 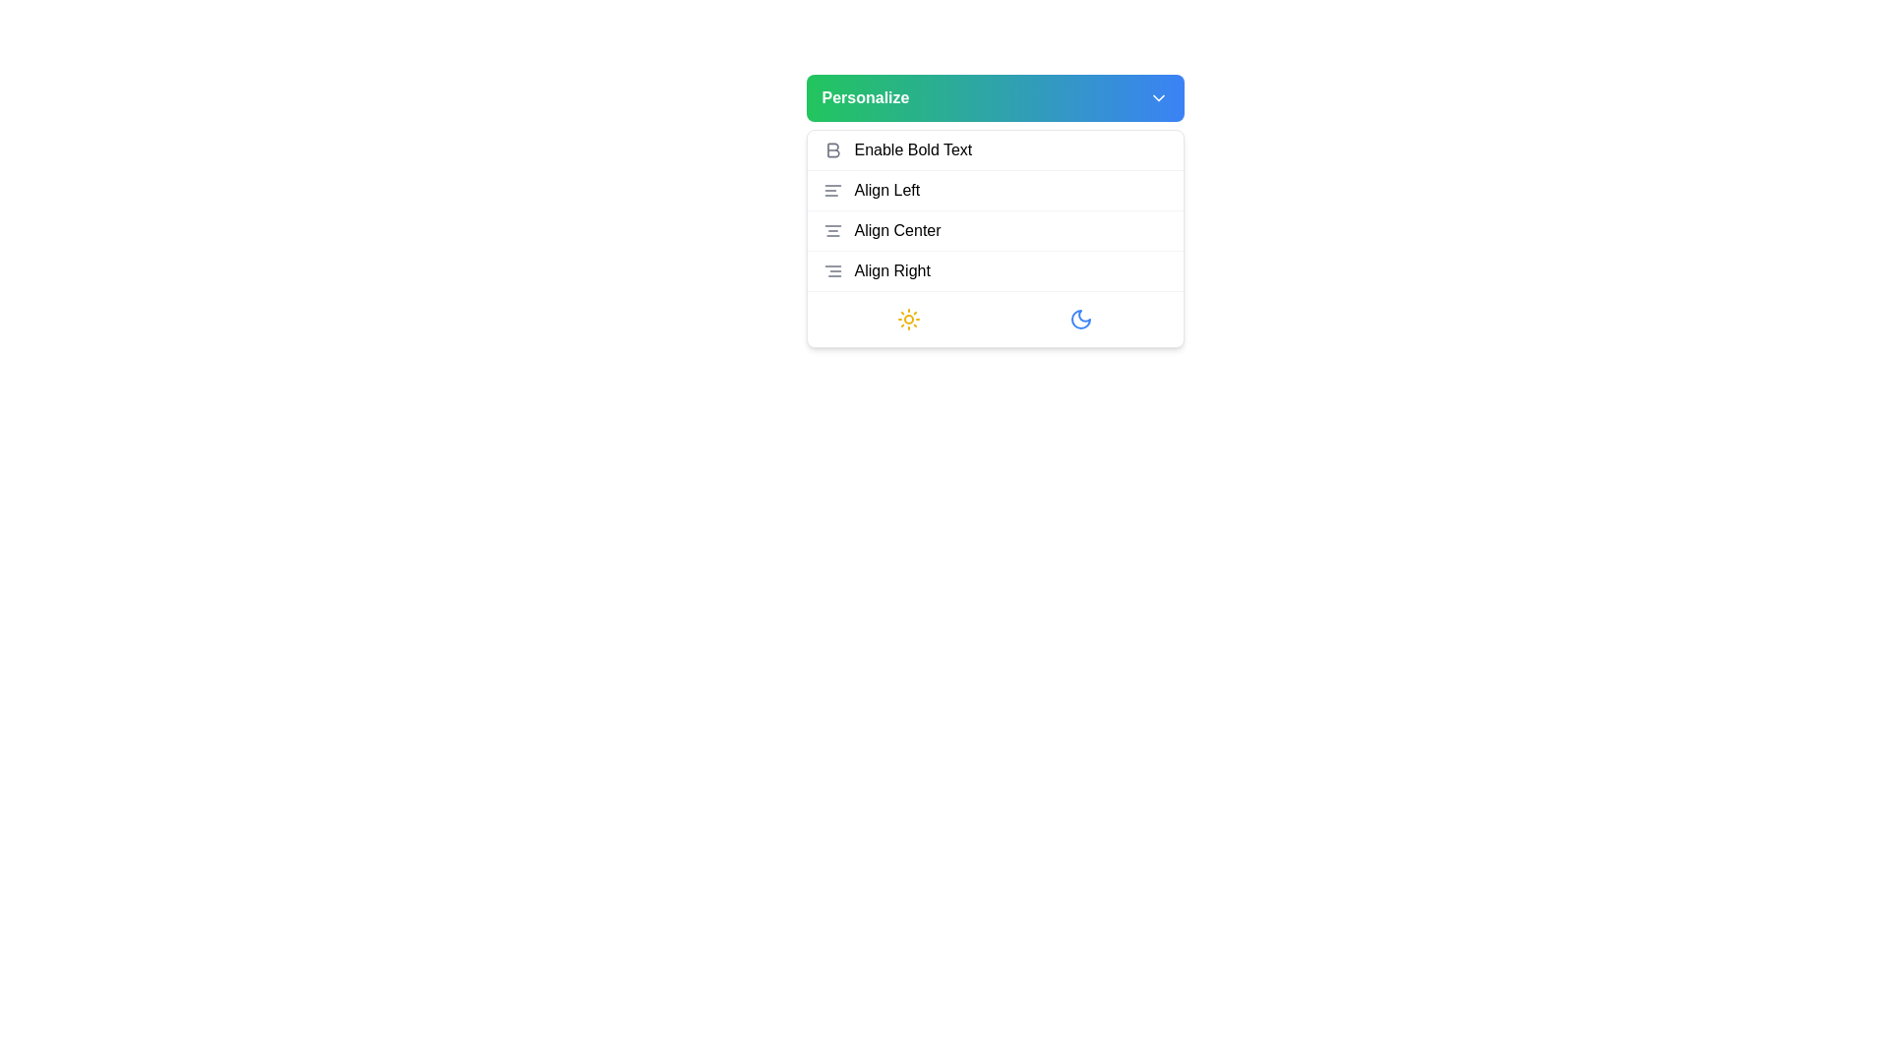 I want to click on the icon represented by three horizontal lines located to the left of the 'Align Right' text label in the alignment menu, so click(x=832, y=271).